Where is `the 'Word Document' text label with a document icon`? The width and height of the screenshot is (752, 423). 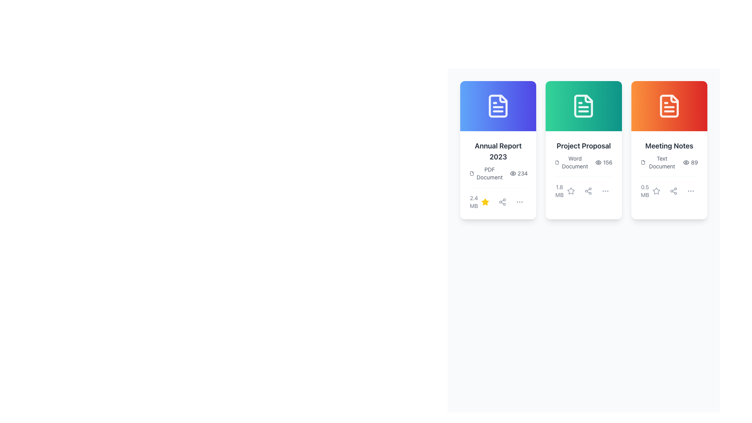 the 'Word Document' text label with a document icon is located at coordinates (572, 162).